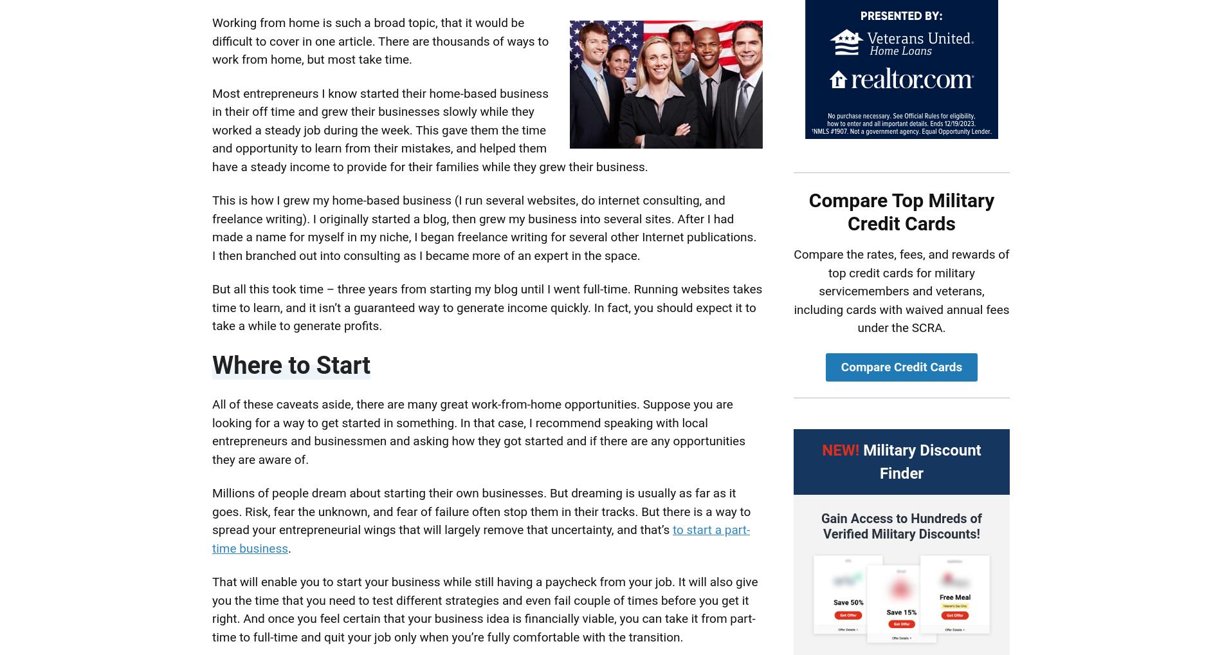 The image size is (1222, 655). I want to click on 'This is how I grew my home-based business (I run several websites, do internet consulting, and freelance writing). I originally started a blog, then grew my business into several sites. After I had made a name for myself in my niche, I began freelance writing for several other Internet publications. I then branched out into consulting as I became more of an expert in the space.', so click(483, 226).